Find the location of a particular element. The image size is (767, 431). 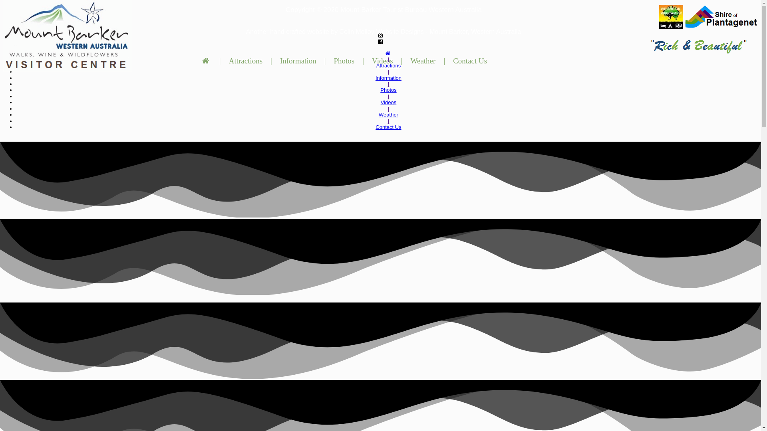

'|' is located at coordinates (444, 61).